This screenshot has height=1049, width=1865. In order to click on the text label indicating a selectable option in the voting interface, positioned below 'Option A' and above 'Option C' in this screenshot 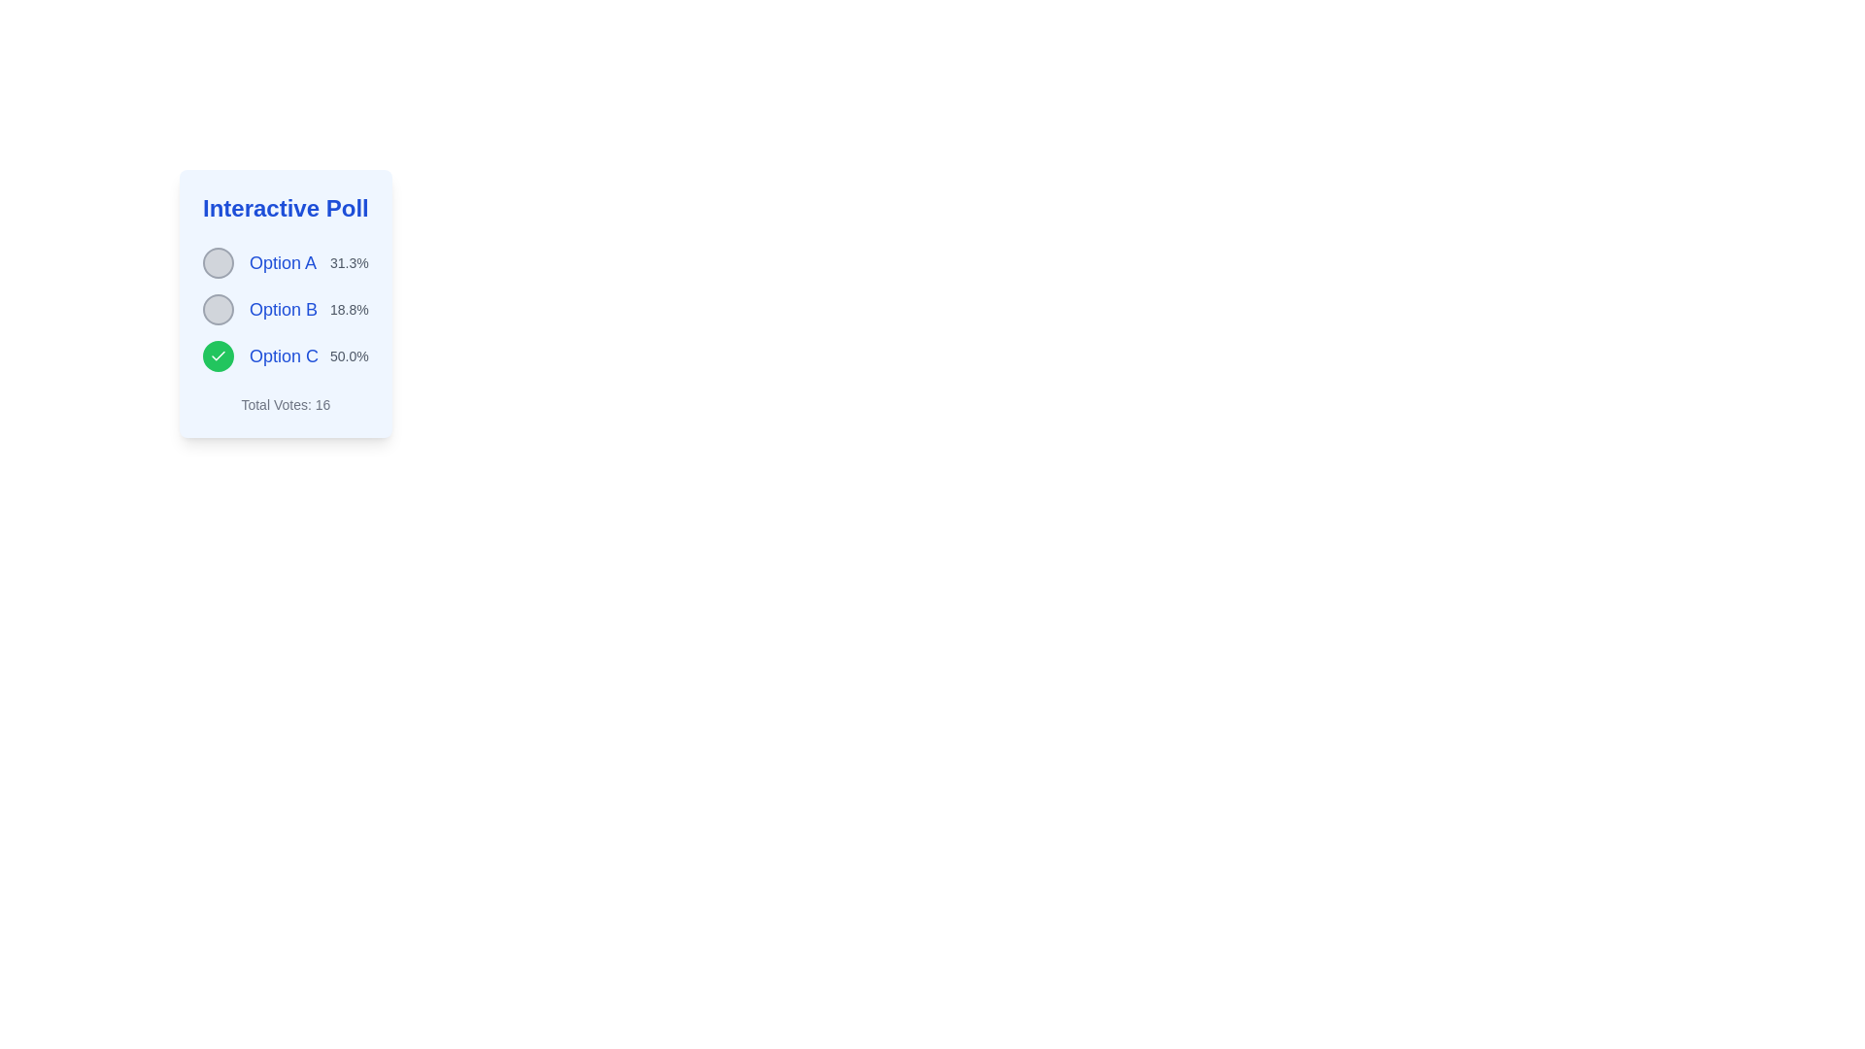, I will do `click(283, 309)`.